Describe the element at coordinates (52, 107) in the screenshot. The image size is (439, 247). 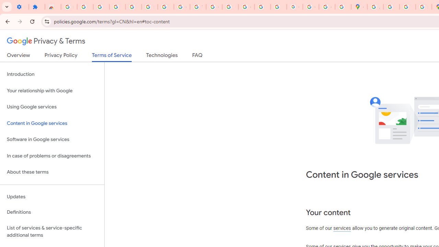
I see `'Using Google services'` at that location.